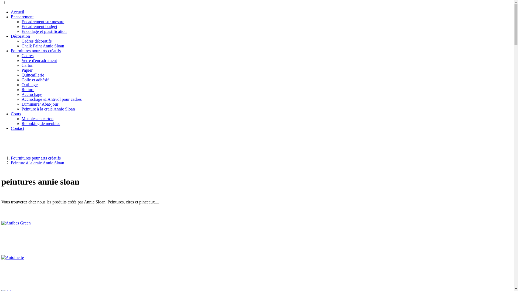 The width and height of the screenshot is (518, 291). What do you see at coordinates (22, 65) in the screenshot?
I see `'Carton'` at bounding box center [22, 65].